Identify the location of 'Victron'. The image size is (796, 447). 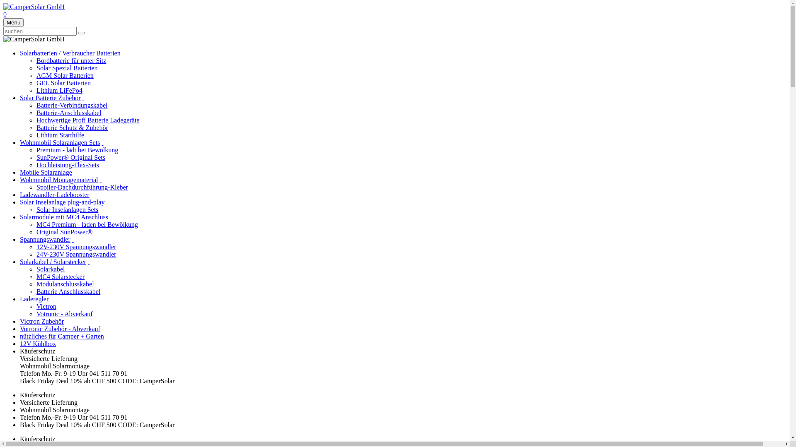
(46, 306).